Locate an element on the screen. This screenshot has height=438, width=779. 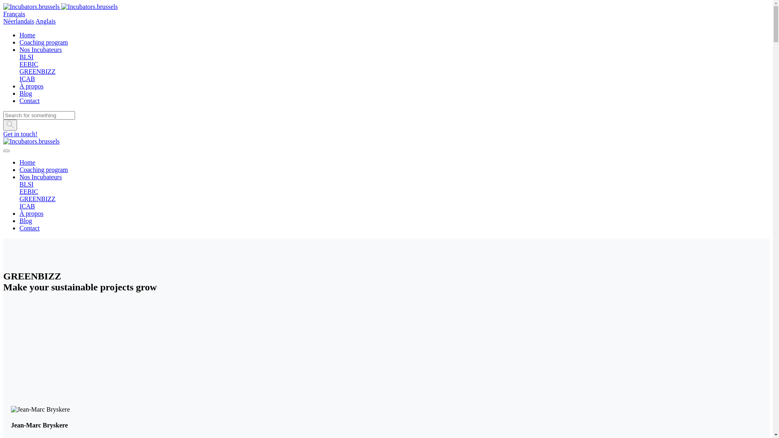
'Shape' is located at coordinates (10, 125).